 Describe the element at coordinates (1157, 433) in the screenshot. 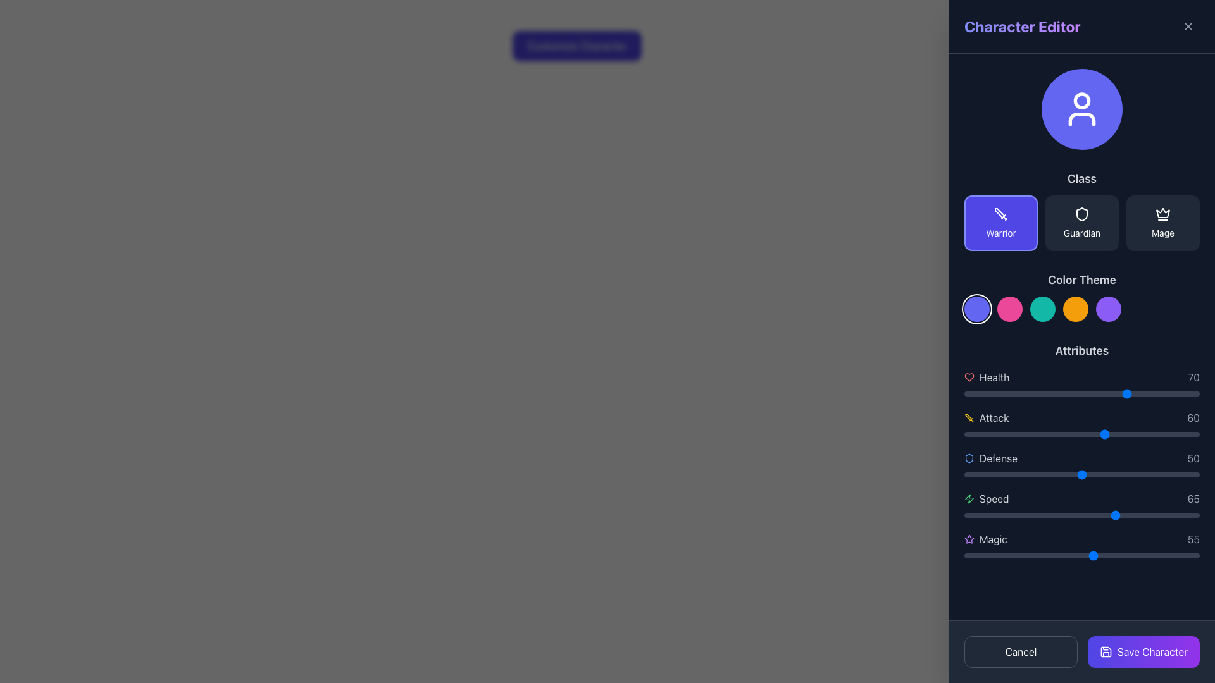

I see `the 'Attack' attribute slider` at that location.